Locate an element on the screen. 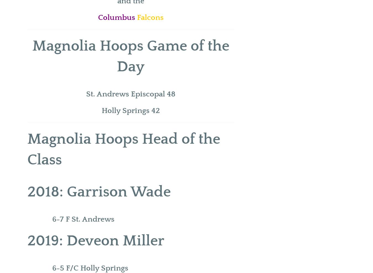 The height and width of the screenshot is (273, 373). '2019: Deveon Miller' is located at coordinates (27, 240).